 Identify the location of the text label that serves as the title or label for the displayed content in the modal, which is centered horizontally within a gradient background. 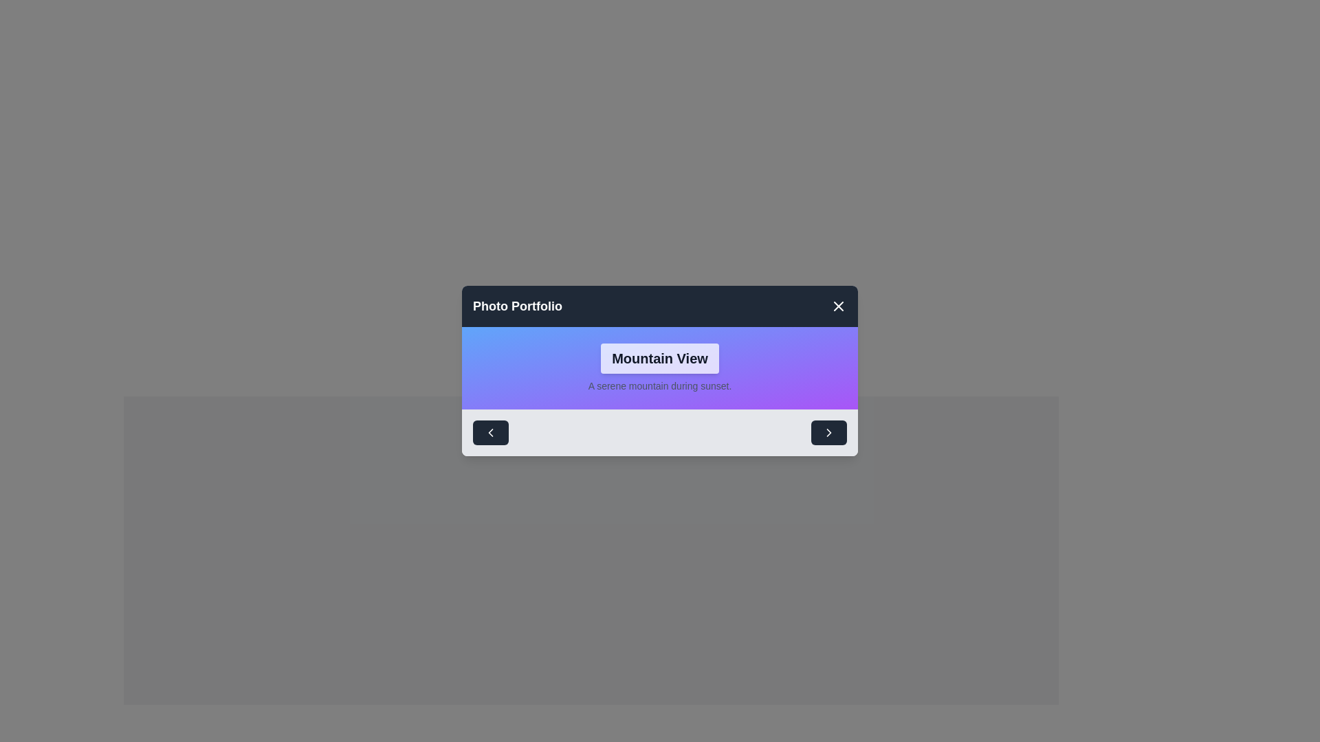
(660, 357).